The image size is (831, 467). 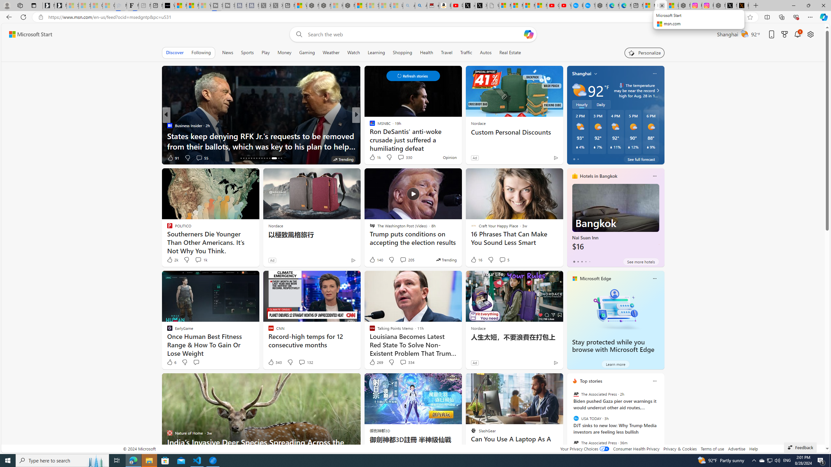 What do you see at coordinates (446, 259) in the screenshot?
I see `'This story is trending'` at bounding box center [446, 259].